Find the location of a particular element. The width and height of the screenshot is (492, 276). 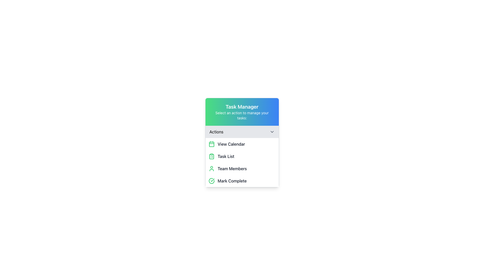

the green outlined circle icon with a checkmark, which indicates a 'complete' status, located to the left of the 'Mark Complete' option in the 'Actions' section of the 'Task Manager' panel is located at coordinates (211, 181).